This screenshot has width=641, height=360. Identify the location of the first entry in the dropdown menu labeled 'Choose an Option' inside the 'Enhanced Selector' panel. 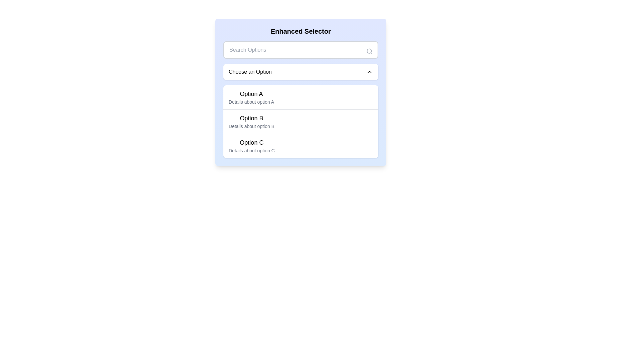
(251, 97).